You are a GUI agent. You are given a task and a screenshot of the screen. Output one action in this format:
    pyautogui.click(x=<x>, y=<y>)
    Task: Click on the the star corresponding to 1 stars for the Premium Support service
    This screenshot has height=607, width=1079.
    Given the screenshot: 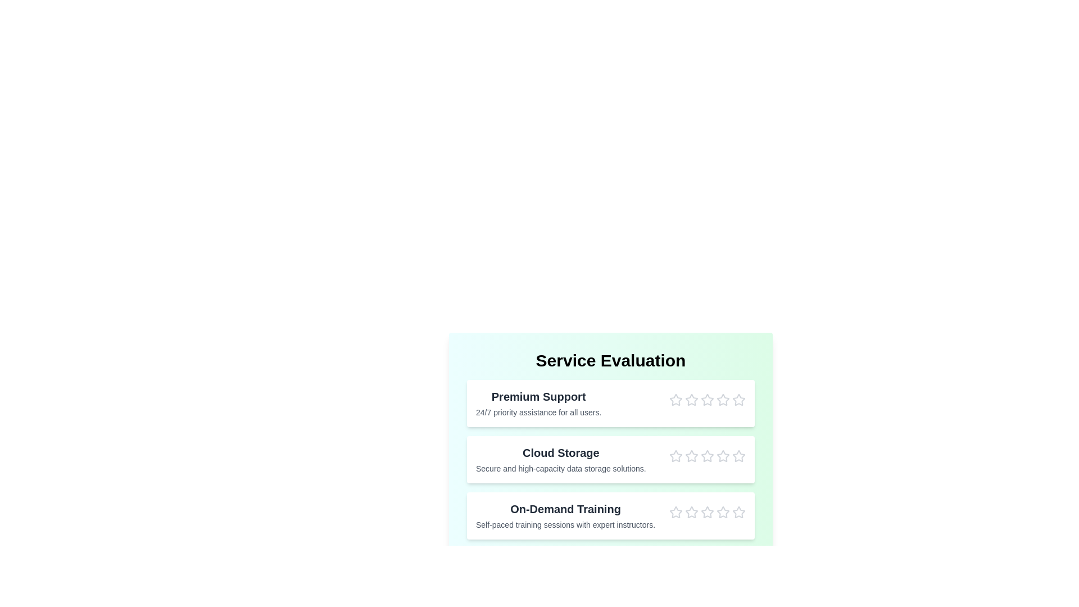 What is the action you would take?
    pyautogui.click(x=675, y=400)
    